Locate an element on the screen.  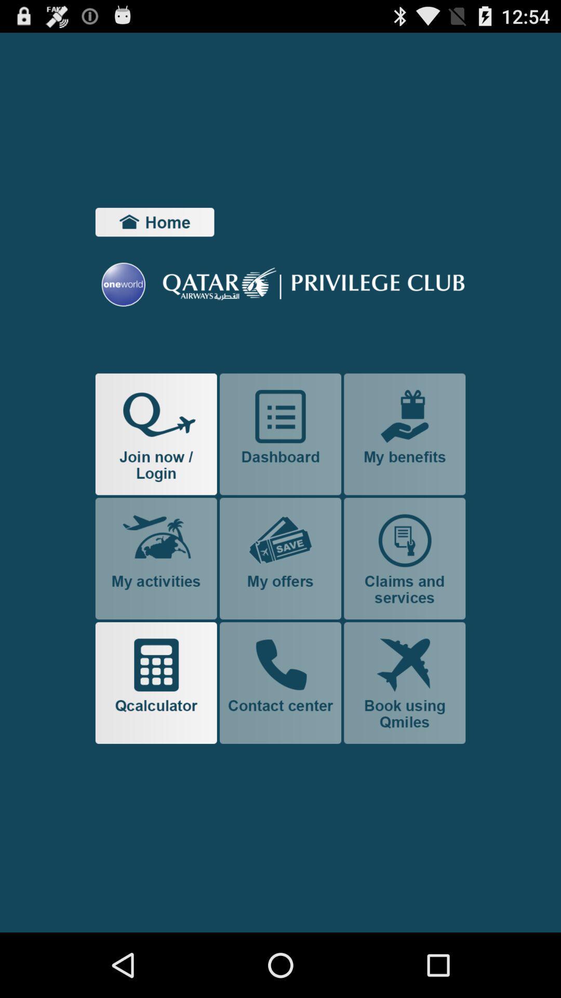
my activities is located at coordinates (156, 558).